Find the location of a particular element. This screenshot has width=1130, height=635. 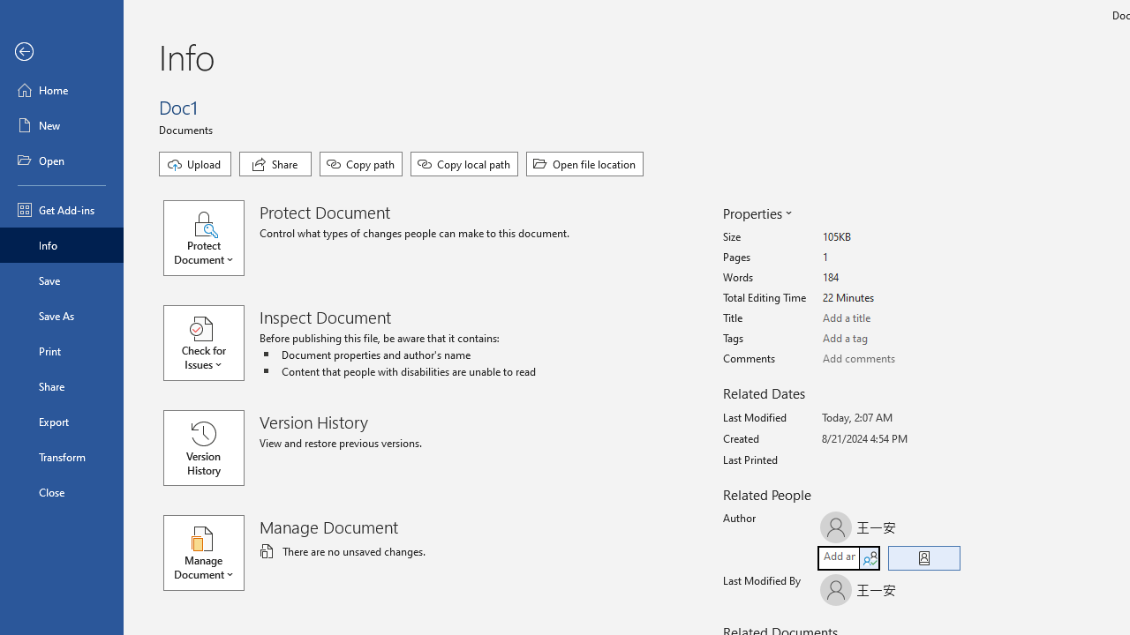

'Size' is located at coordinates (888, 236).